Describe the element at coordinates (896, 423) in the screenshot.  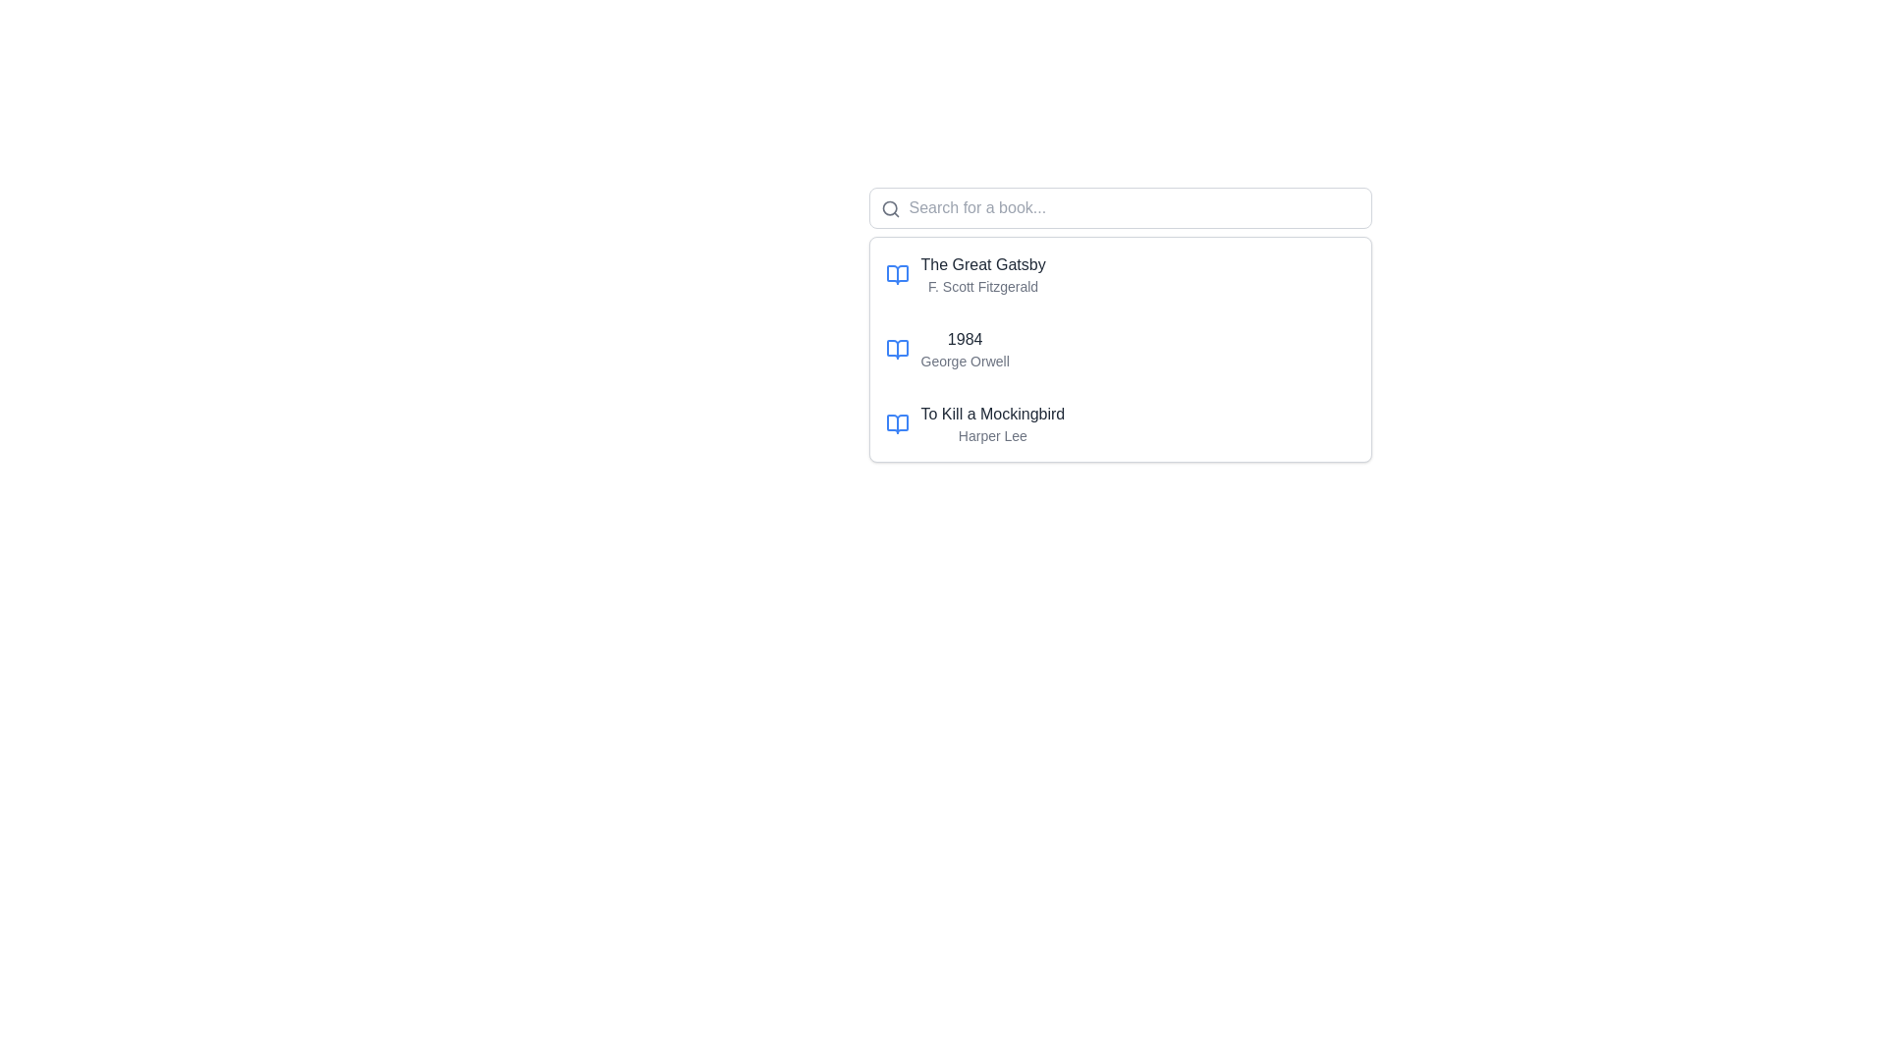
I see `the open book icon, which is blue and located to the left of the title 'To Kill a Mockingbird' and the author 'Harper Lee' in the third entry of the book list` at that location.